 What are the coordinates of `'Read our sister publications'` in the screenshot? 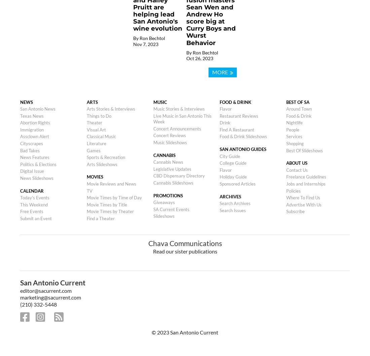 It's located at (185, 250).